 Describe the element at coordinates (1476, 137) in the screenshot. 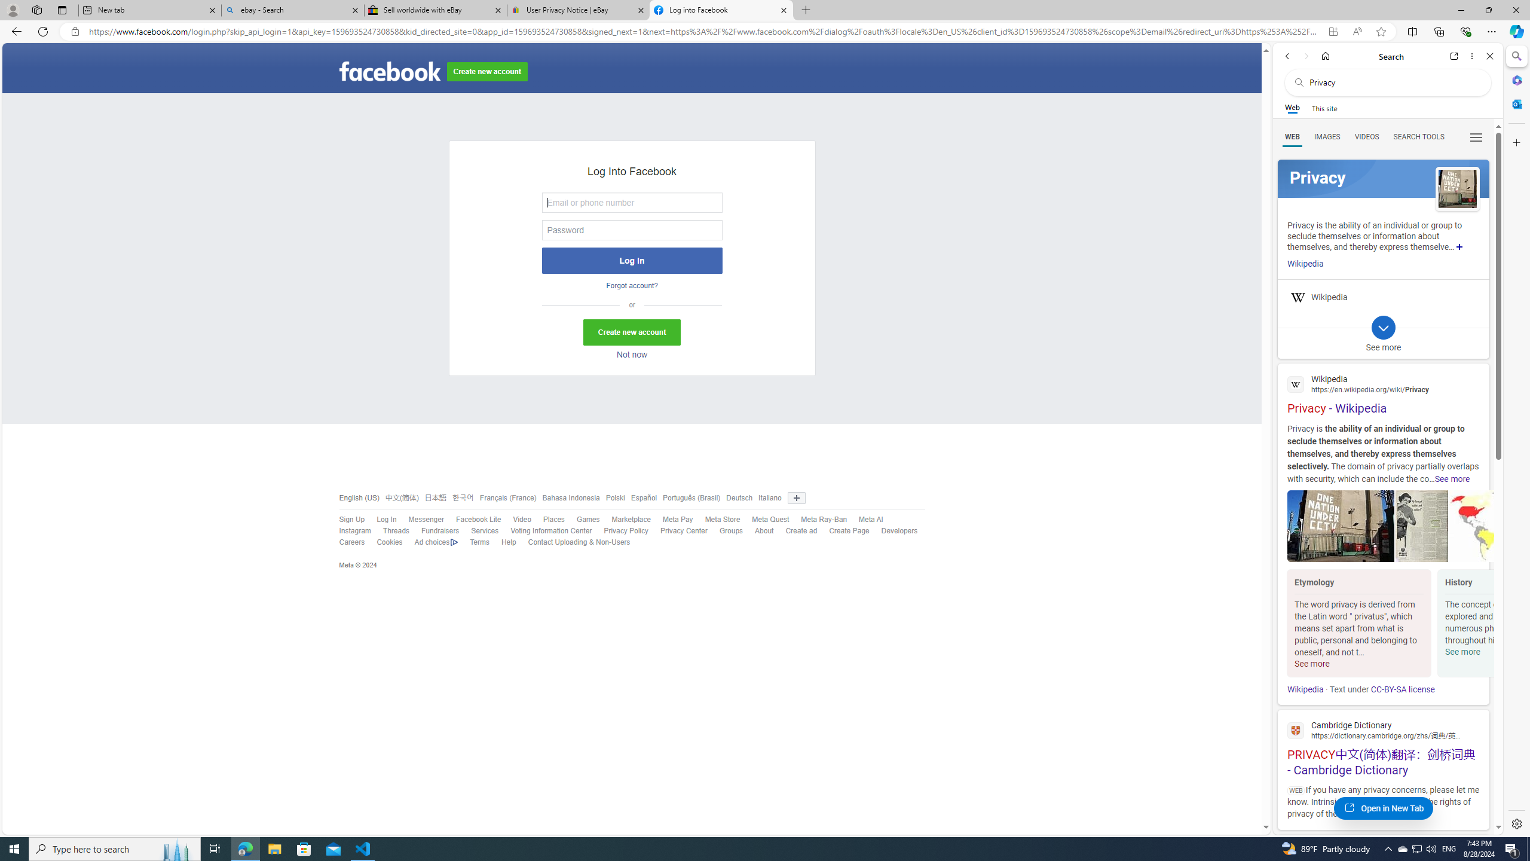

I see `'Class: b_serphb'` at that location.